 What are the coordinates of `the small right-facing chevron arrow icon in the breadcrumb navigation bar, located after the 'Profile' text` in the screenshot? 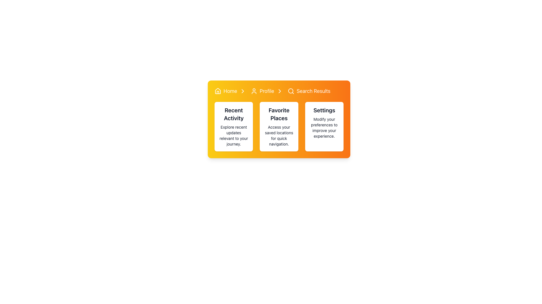 It's located at (280, 91).